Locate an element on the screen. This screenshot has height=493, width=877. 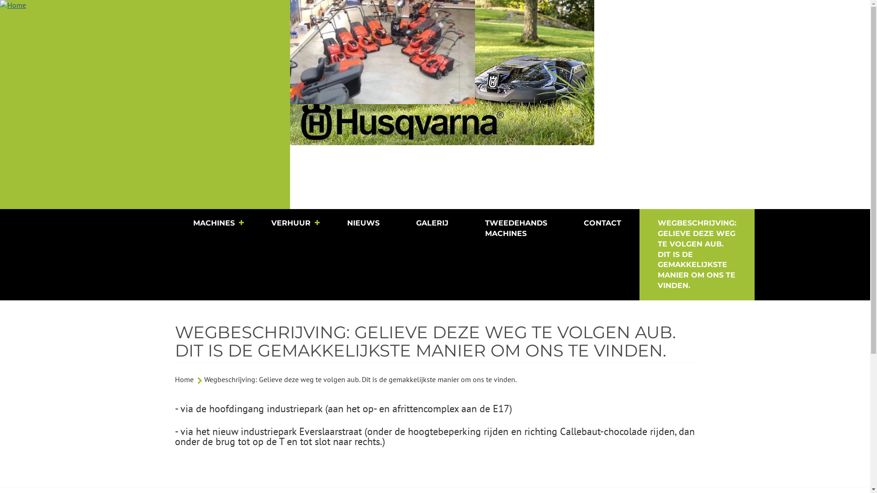
'MACHINES' is located at coordinates (213, 223).